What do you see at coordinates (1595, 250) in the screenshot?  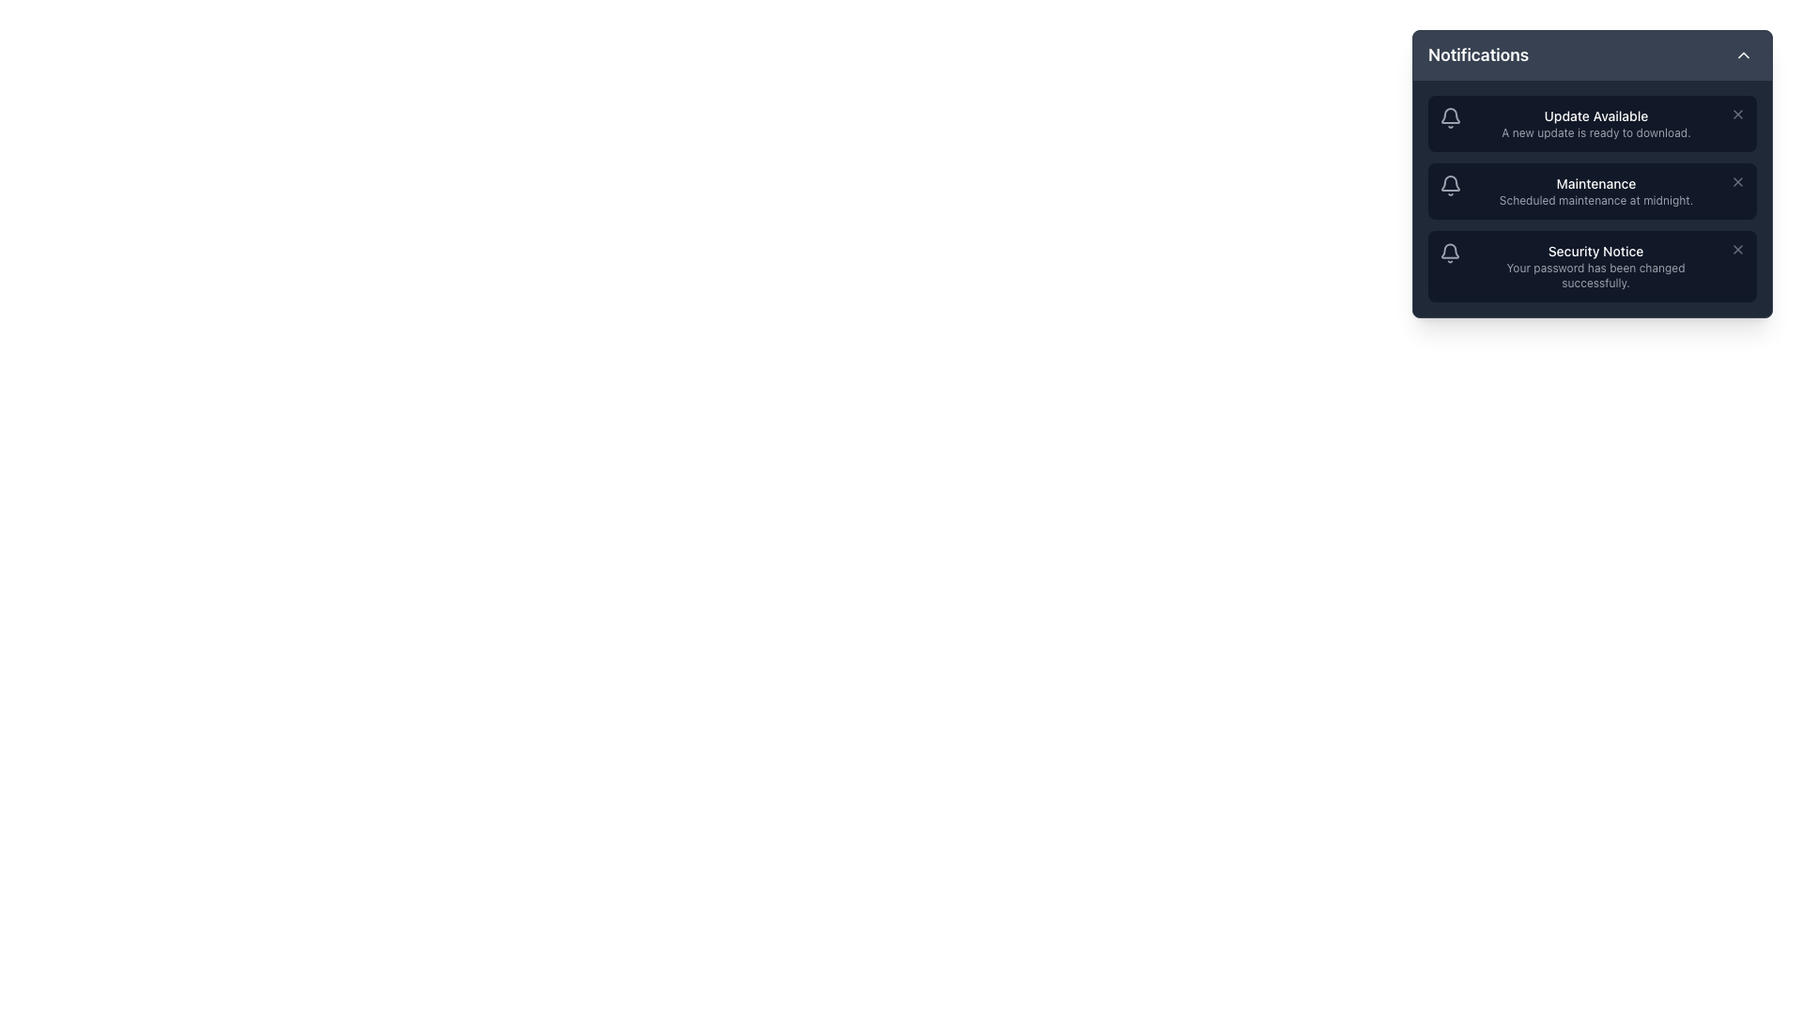 I see `text label 'Security Notice' which is displayed in white over a dark navy background in the third notification card` at bounding box center [1595, 250].